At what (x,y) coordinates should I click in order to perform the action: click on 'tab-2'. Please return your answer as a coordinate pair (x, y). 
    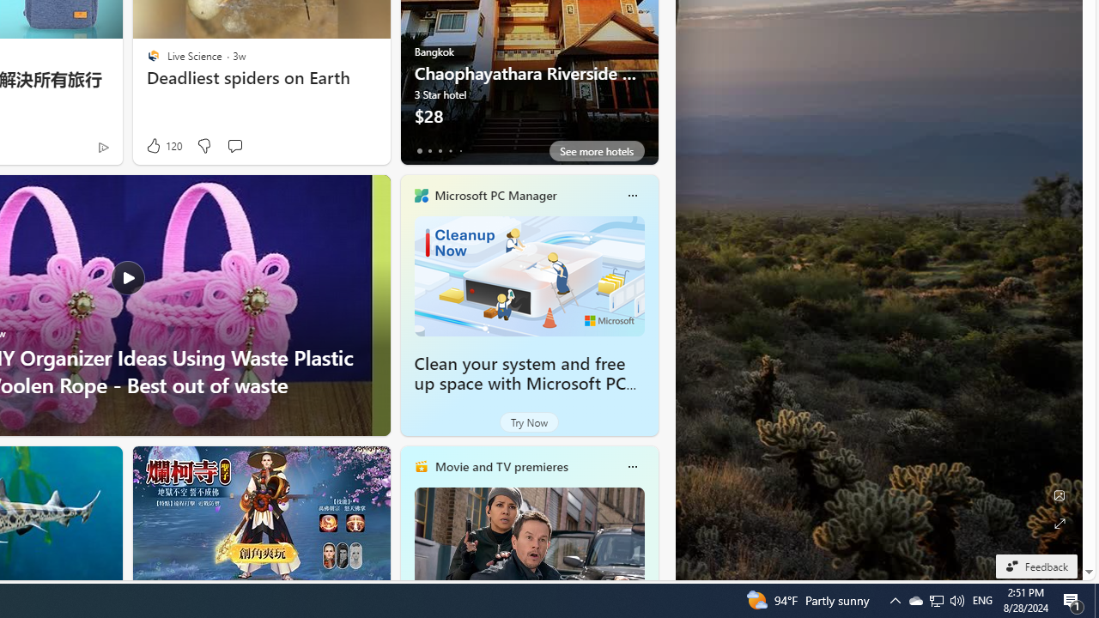
    Looking at the image, I should click on (440, 150).